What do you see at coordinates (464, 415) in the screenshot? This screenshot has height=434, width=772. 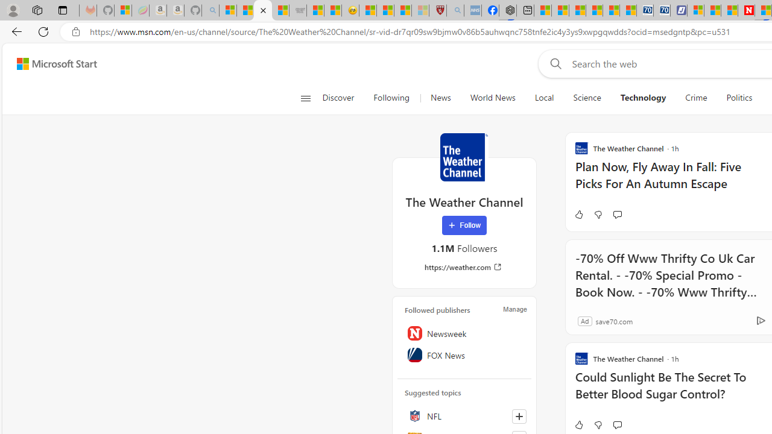 I see `'NFL'` at bounding box center [464, 415].